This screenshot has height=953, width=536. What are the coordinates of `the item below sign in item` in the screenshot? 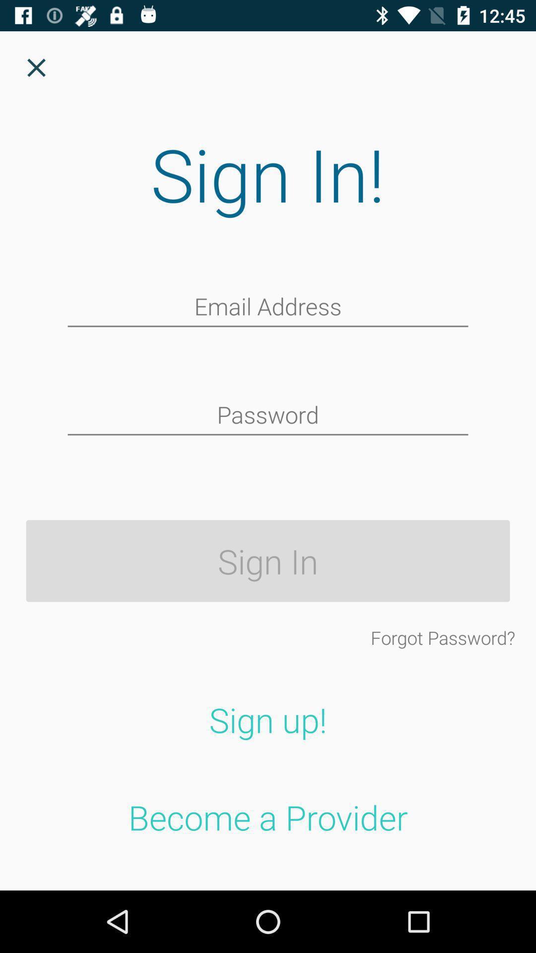 It's located at (442, 637).